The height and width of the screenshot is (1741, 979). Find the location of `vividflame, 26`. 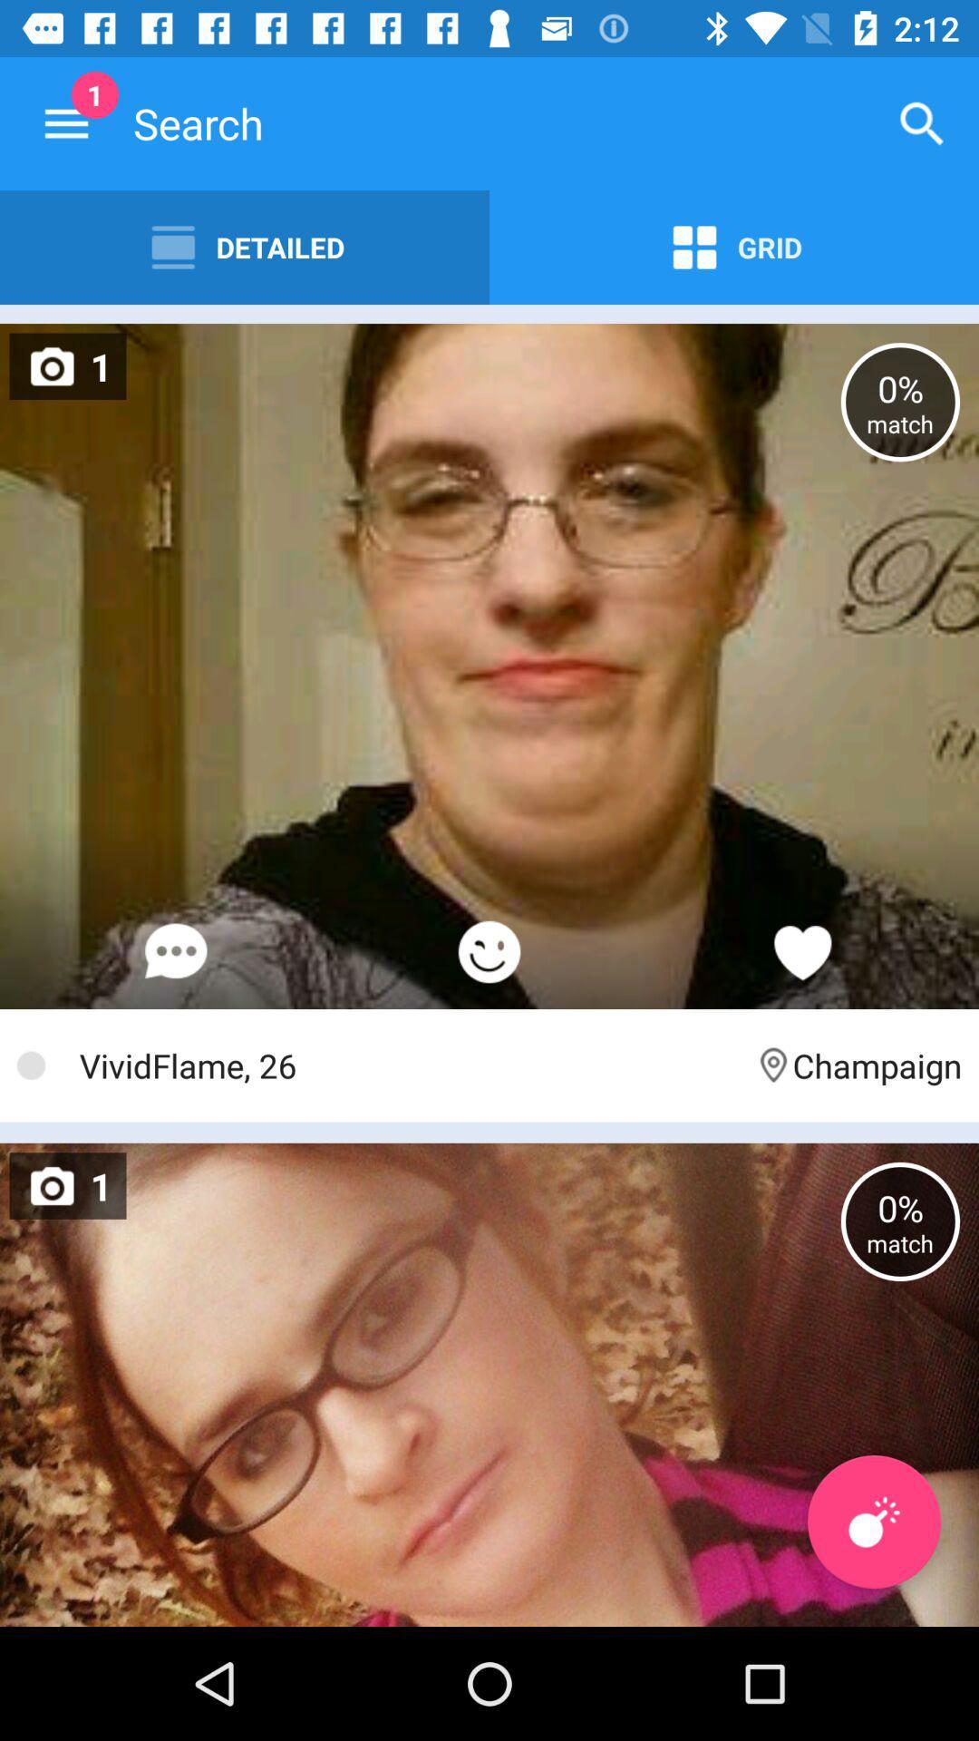

vividflame, 26 is located at coordinates (408, 1065).